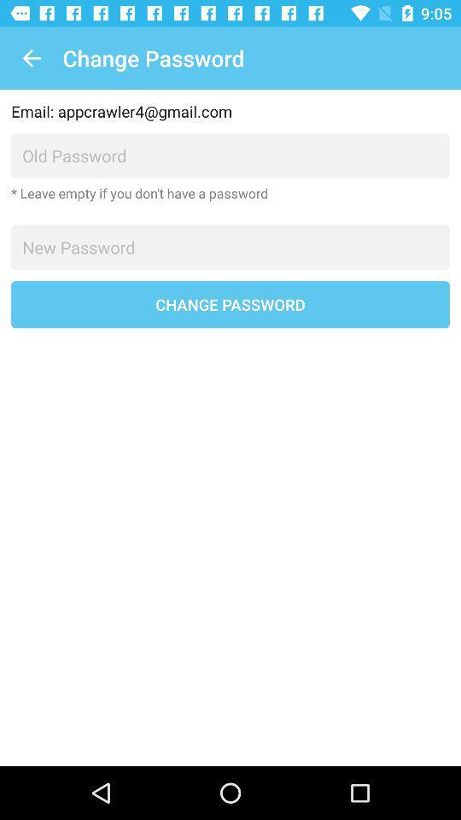  Describe the element at coordinates (230, 155) in the screenshot. I see `old password textfield` at that location.